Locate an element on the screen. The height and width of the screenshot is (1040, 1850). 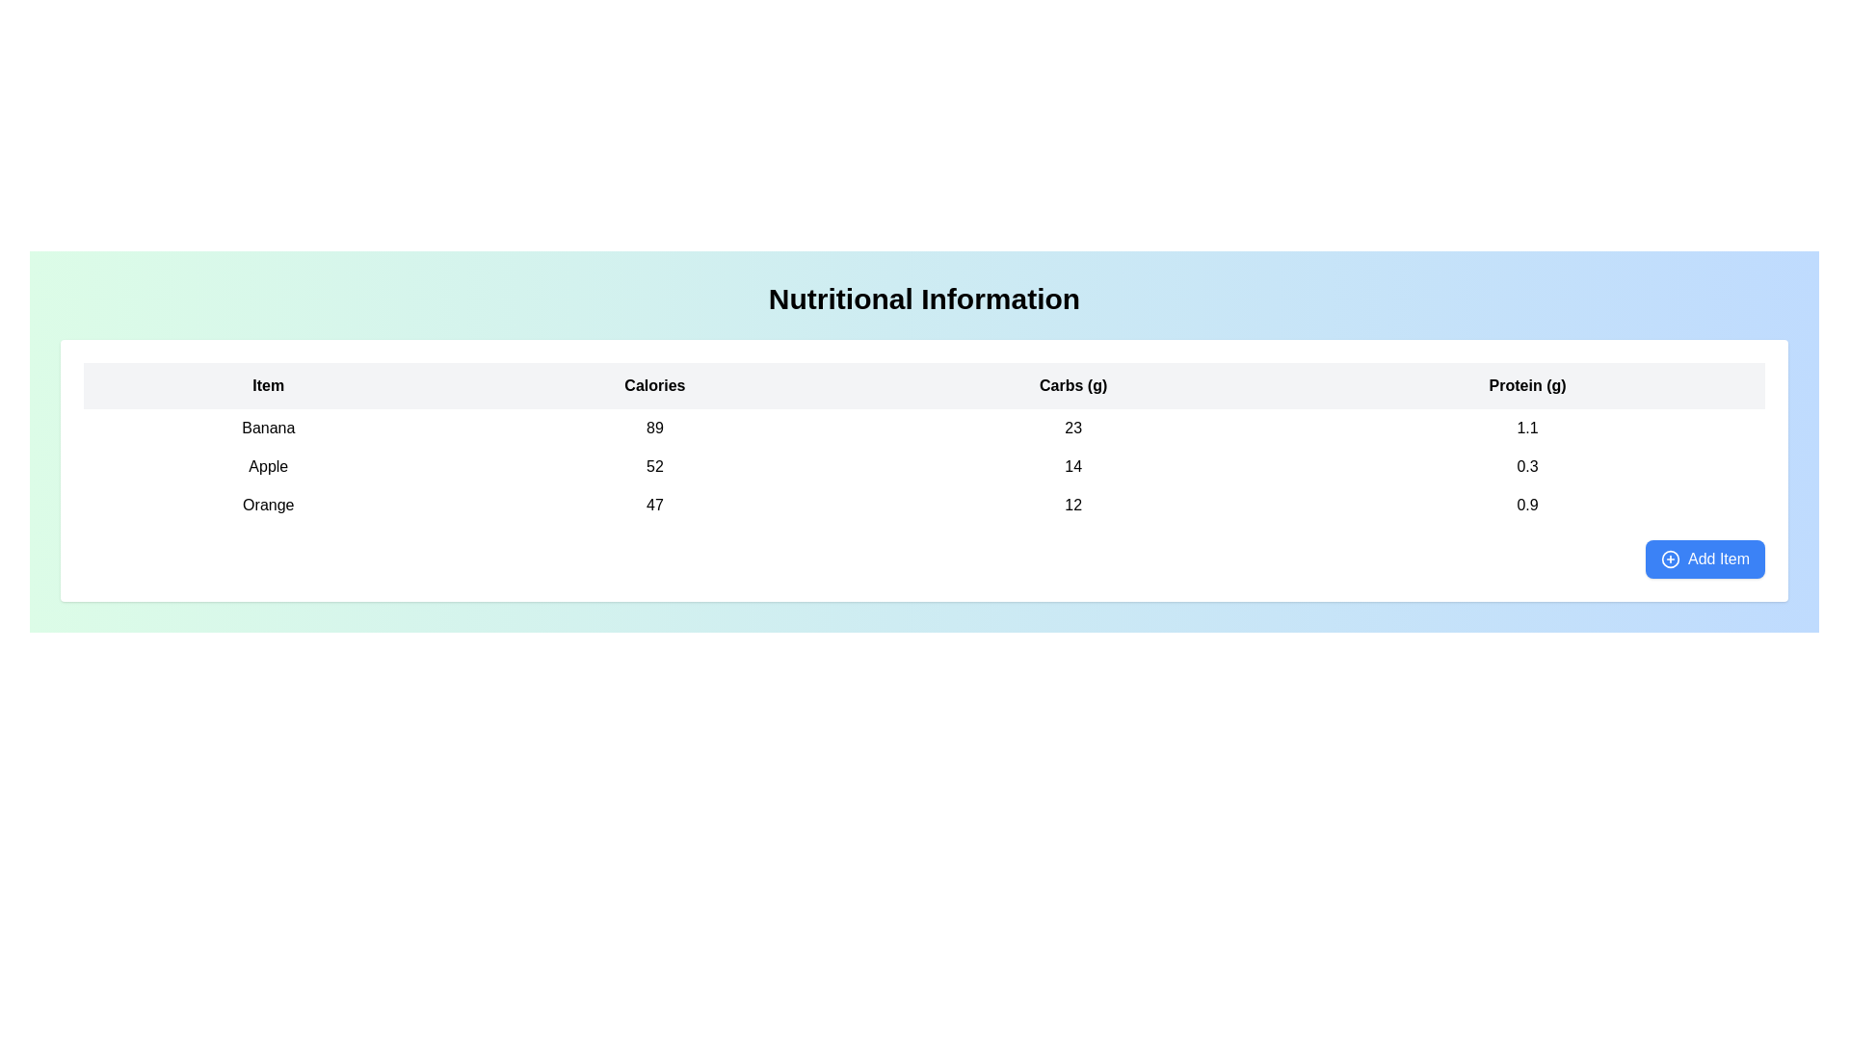
the bold text header labeled 'Item' located in the first column of the table's header row is located at coordinates (267, 386).